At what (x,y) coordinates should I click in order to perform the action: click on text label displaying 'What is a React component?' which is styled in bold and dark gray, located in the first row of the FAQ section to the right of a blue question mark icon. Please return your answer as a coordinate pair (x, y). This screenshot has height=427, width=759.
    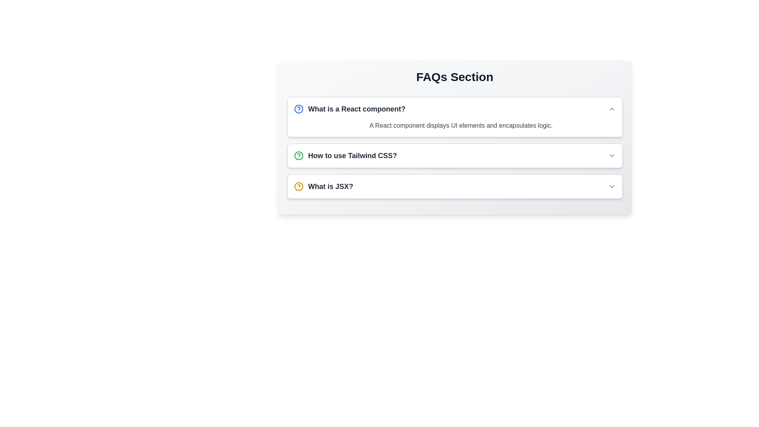
    Looking at the image, I should click on (356, 109).